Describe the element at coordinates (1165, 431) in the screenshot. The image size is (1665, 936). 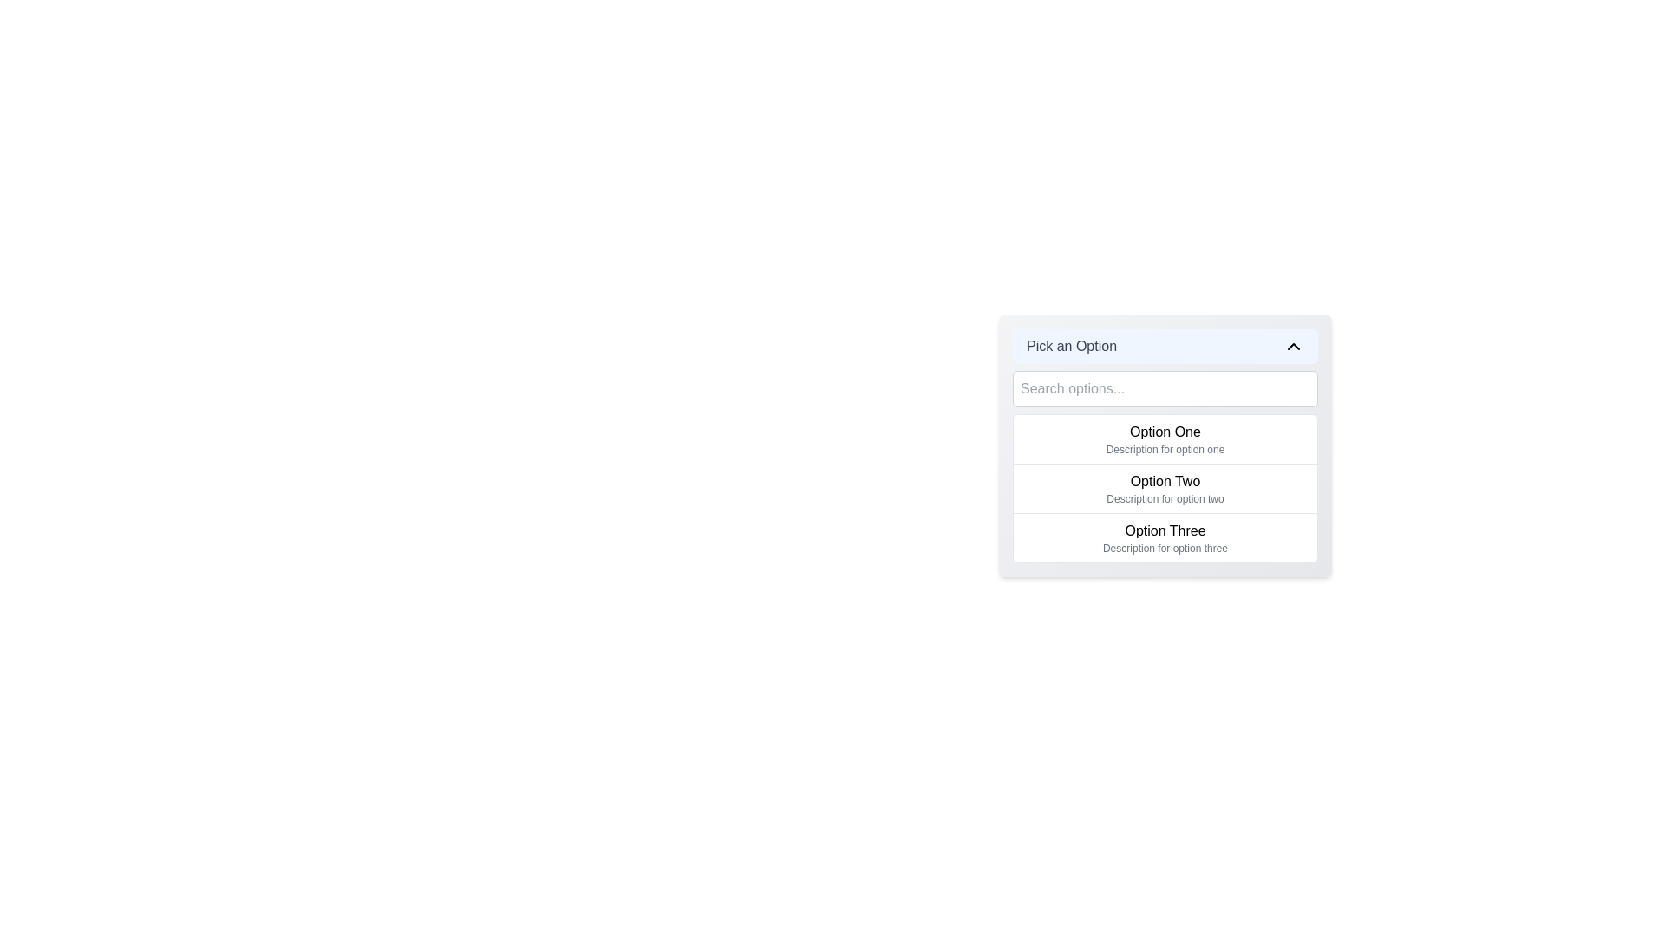
I see `the first selectable option labeled 'Option One' in the dropdown menu` at that location.